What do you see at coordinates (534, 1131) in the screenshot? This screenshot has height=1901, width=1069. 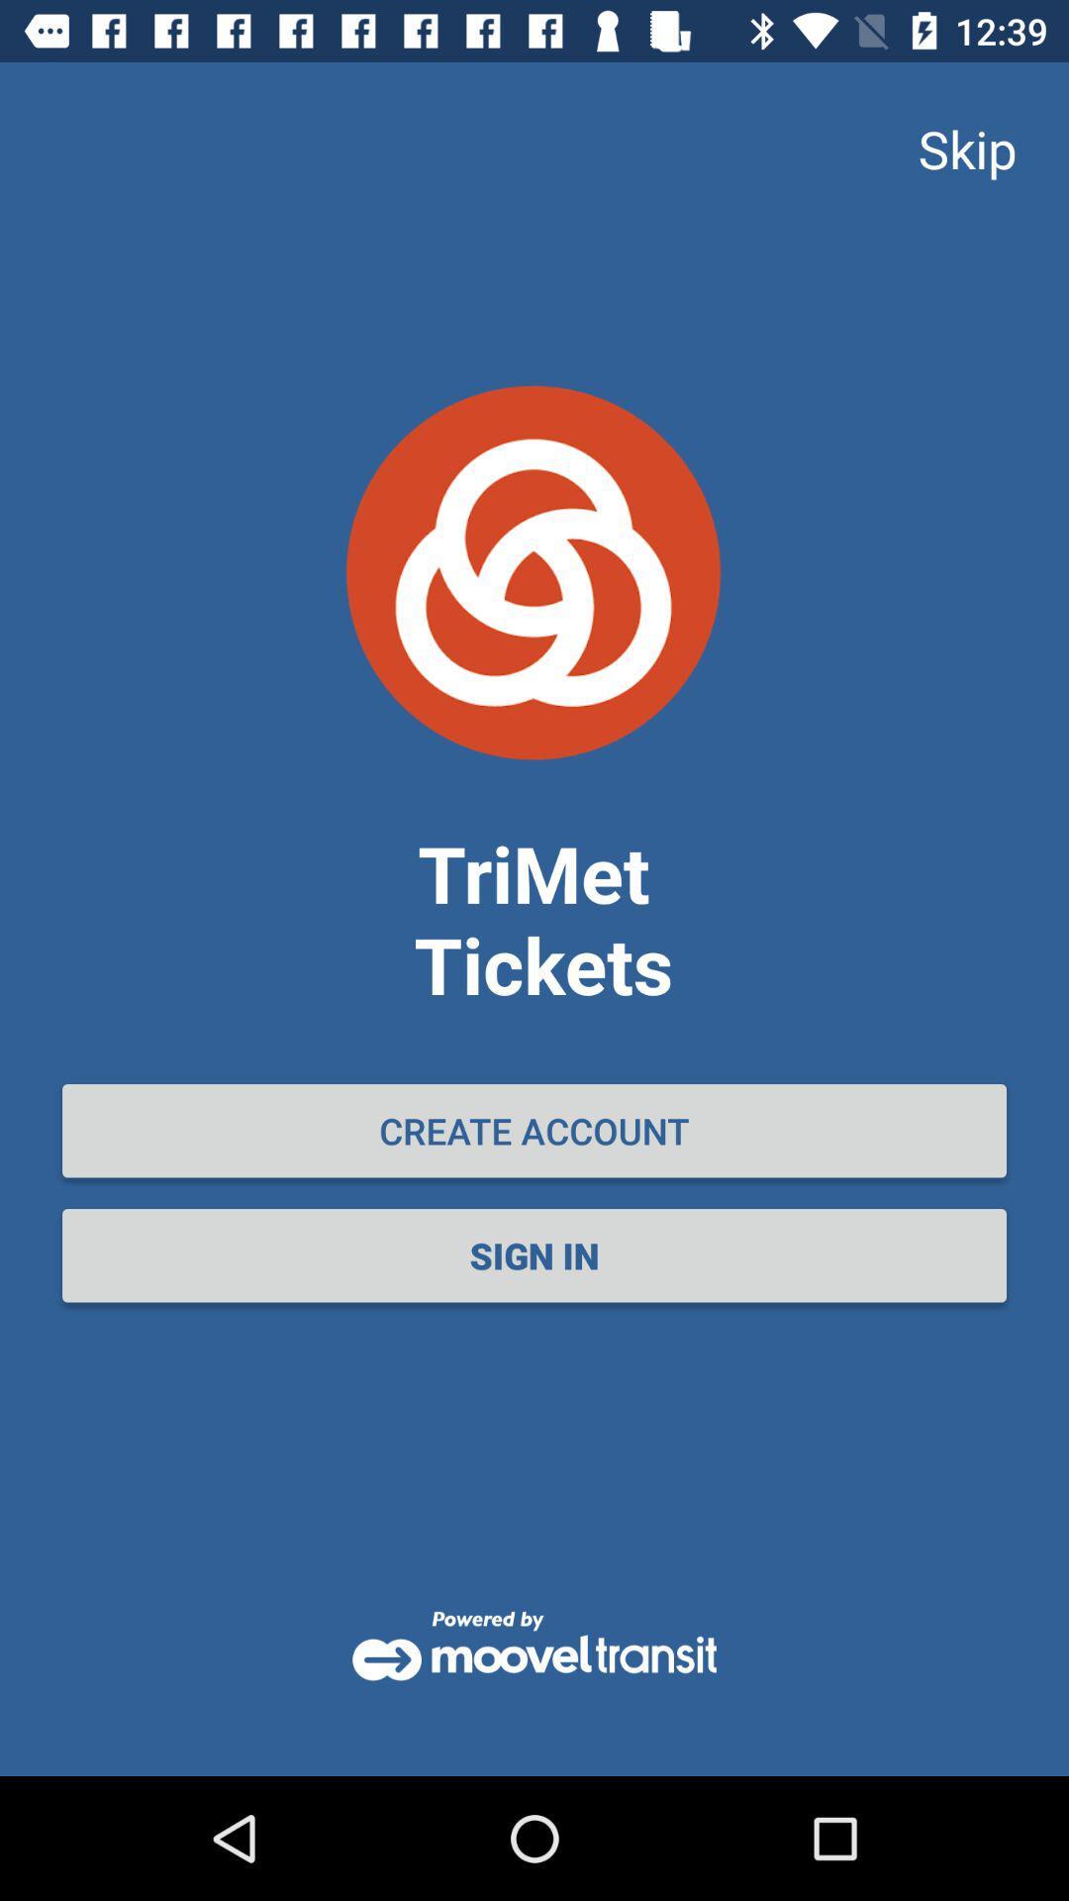 I see `the icon above the sign in` at bounding box center [534, 1131].